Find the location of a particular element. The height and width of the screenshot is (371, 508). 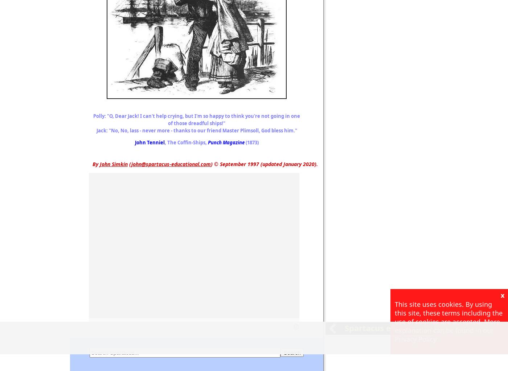

'John Simkin' is located at coordinates (114, 164).